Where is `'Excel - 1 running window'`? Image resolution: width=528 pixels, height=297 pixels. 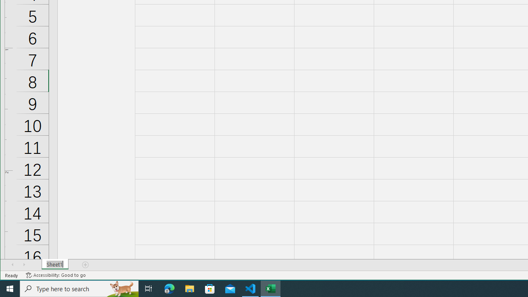 'Excel - 1 running window' is located at coordinates (271, 288).